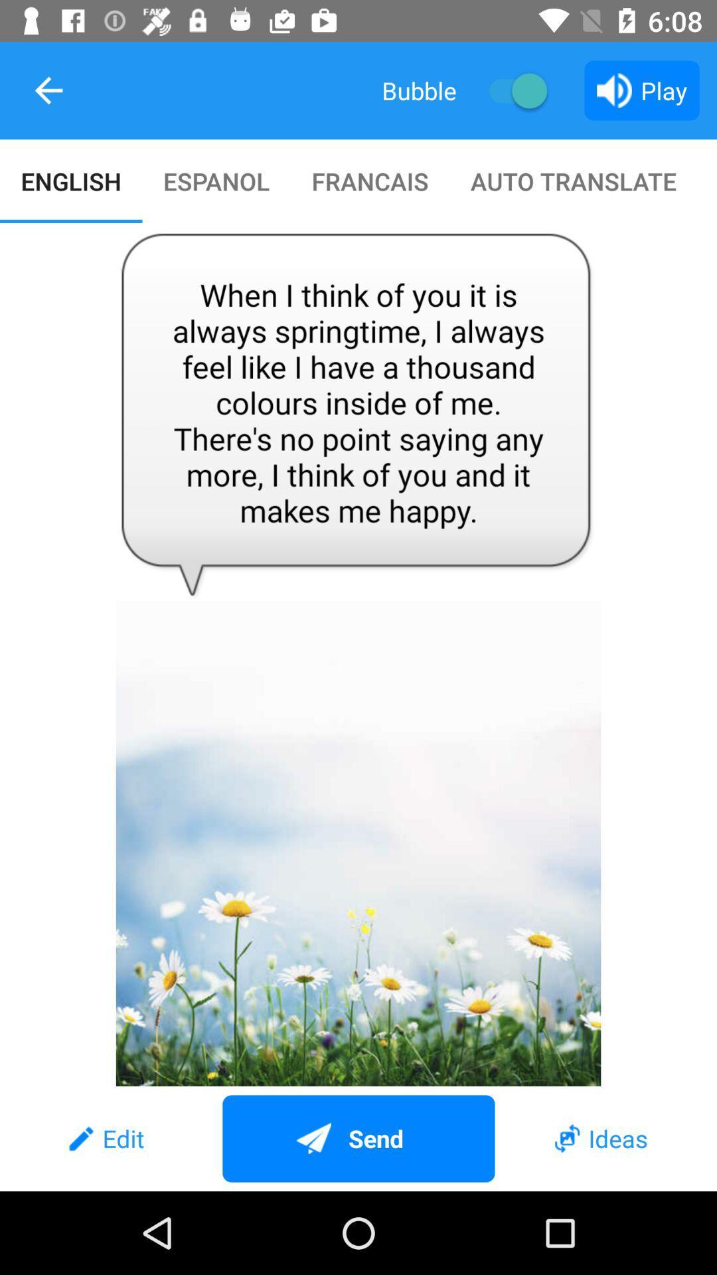 This screenshot has width=717, height=1275. Describe the element at coordinates (358, 655) in the screenshot. I see `the icon above edit item` at that location.